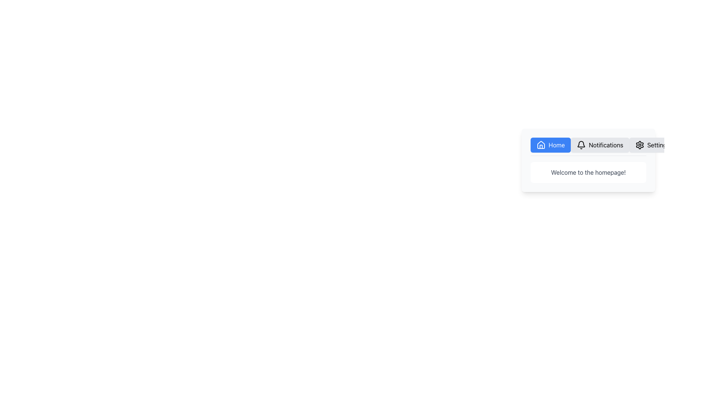  Describe the element at coordinates (658, 145) in the screenshot. I see `the 'Settings' text label` at that location.